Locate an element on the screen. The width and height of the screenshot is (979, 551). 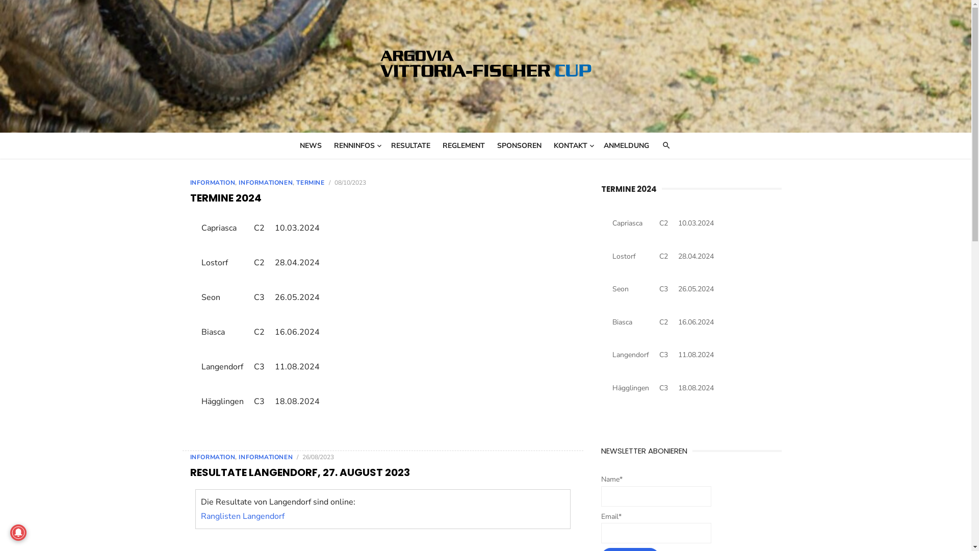
'TERMINE 2024' is located at coordinates (628, 189).